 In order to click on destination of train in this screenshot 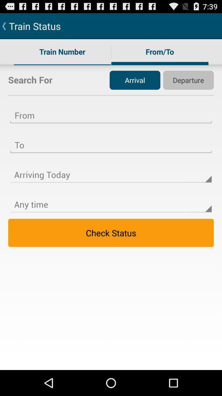, I will do `click(111, 140)`.